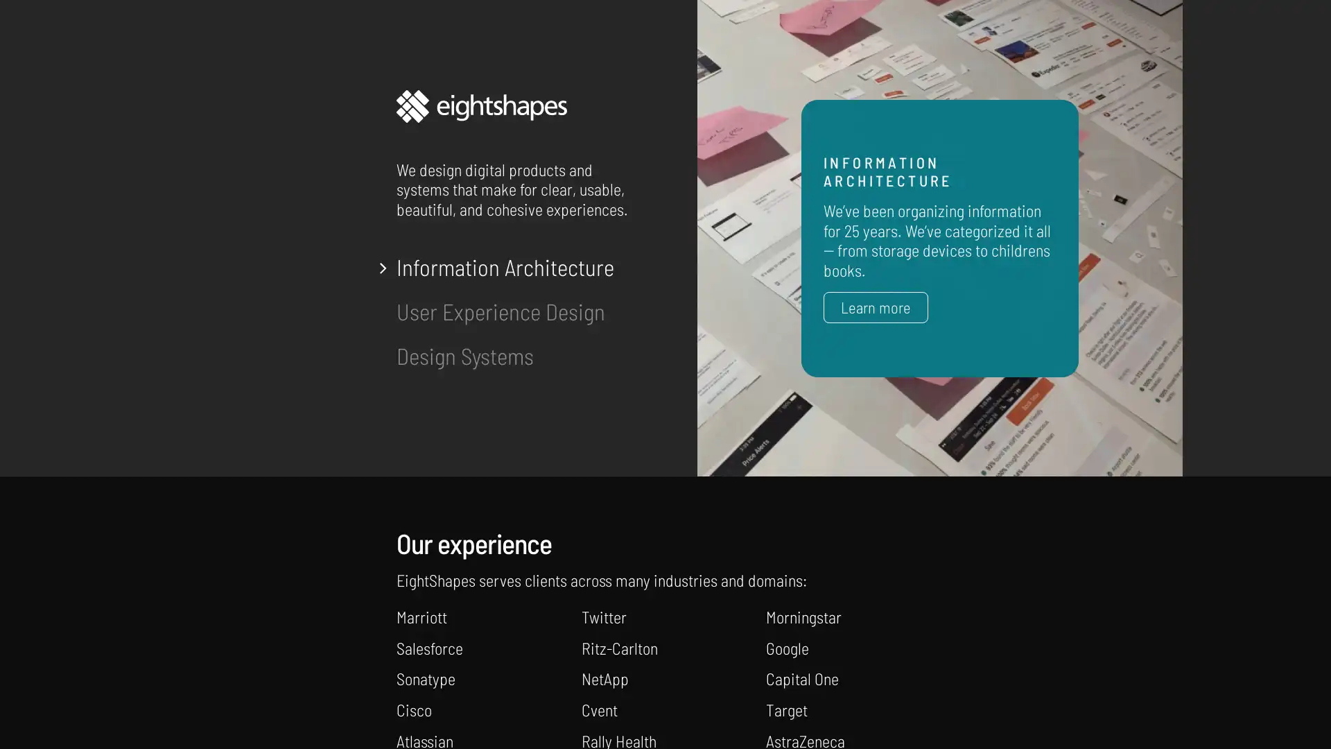  Describe the element at coordinates (505, 267) in the screenshot. I see `Information Architecture` at that location.